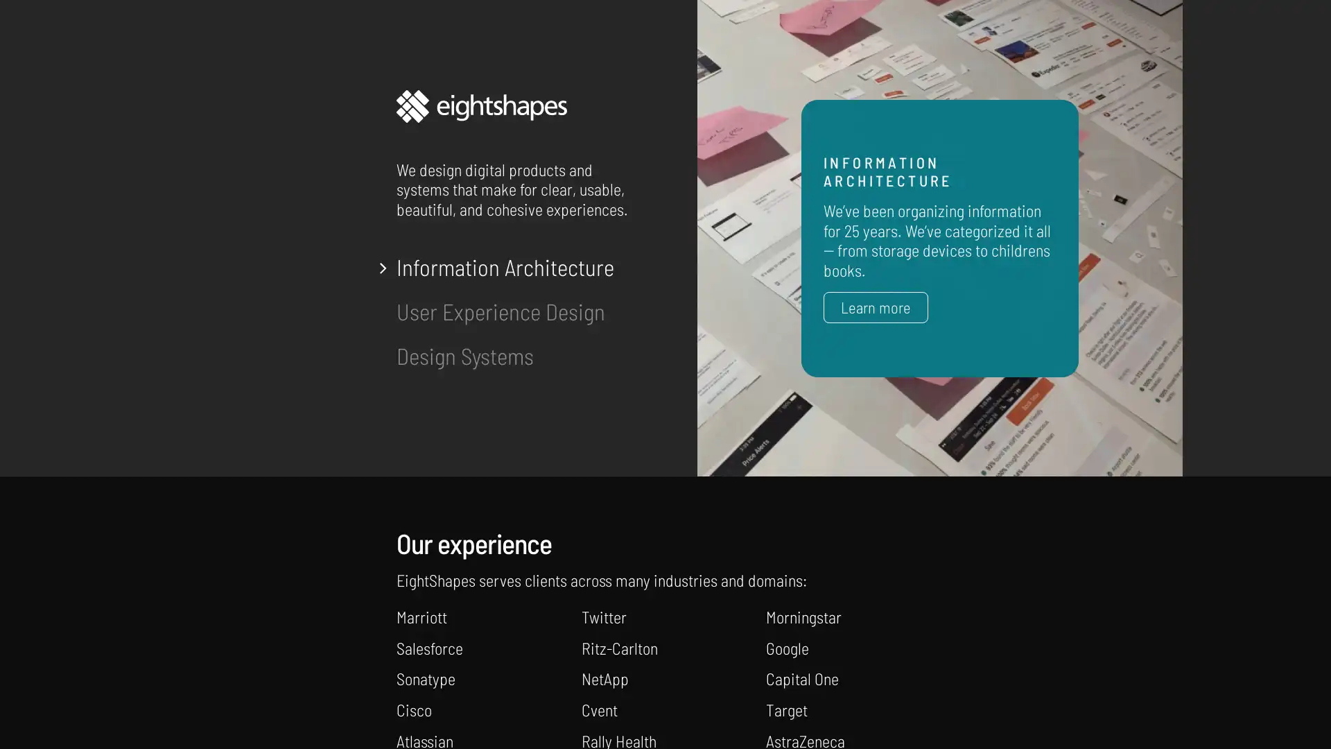  Describe the element at coordinates (505, 267) in the screenshot. I see `Information Architecture` at that location.